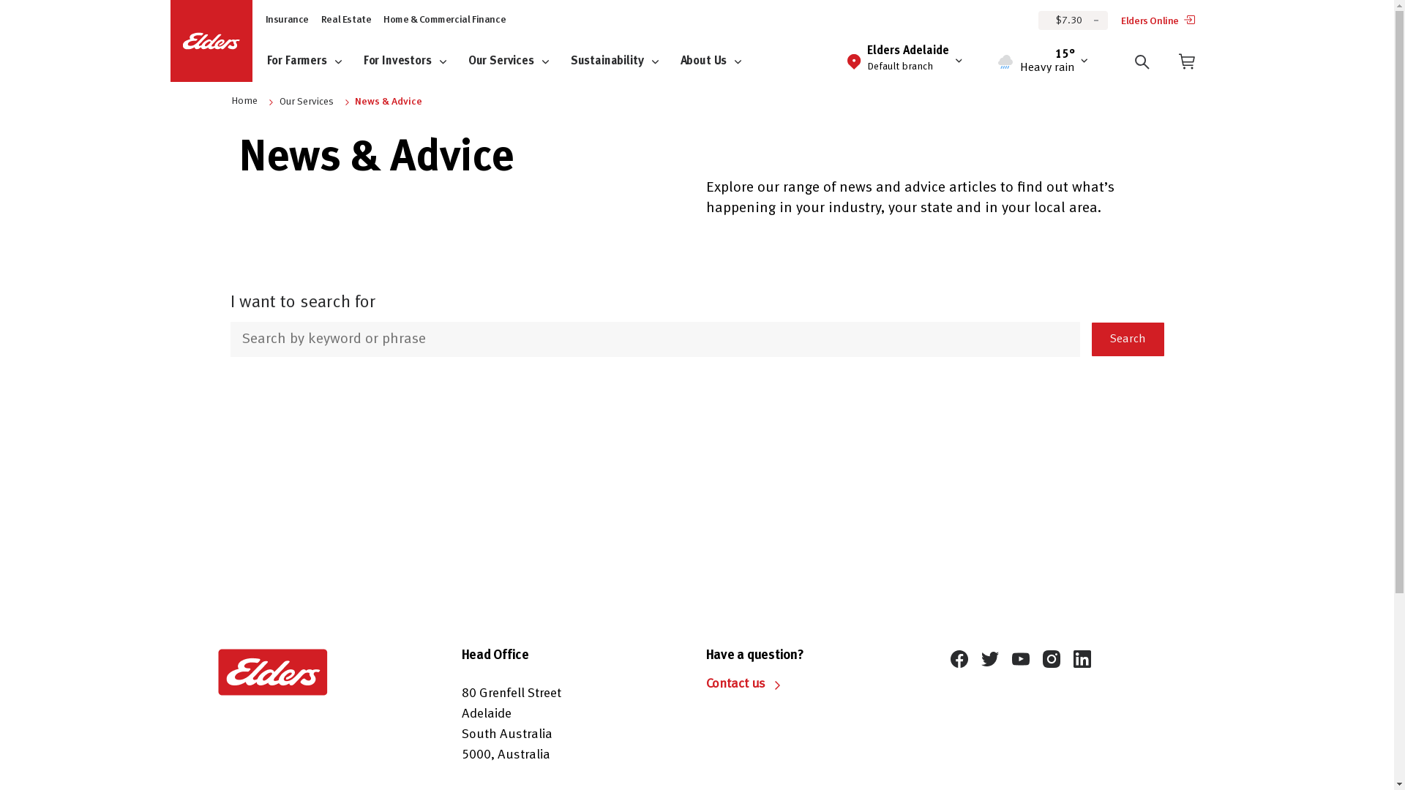 This screenshot has height=790, width=1405. Describe the element at coordinates (304, 101) in the screenshot. I see `'Our Services'` at that location.